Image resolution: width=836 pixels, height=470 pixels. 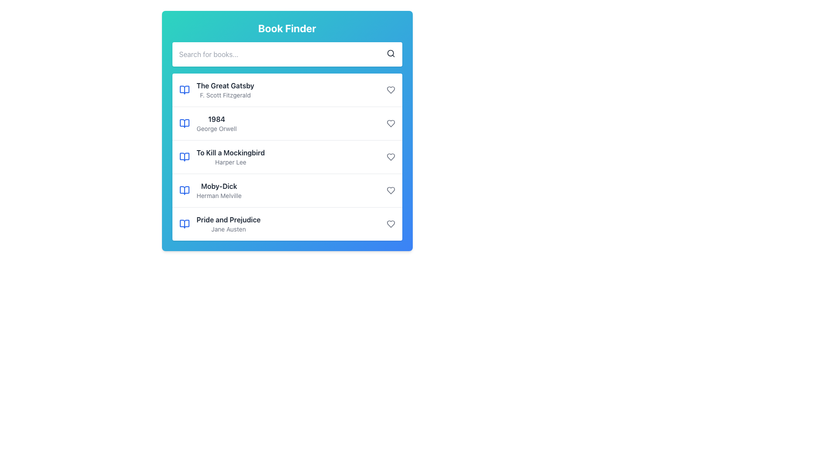 What do you see at coordinates (184, 157) in the screenshot?
I see `the open book icon element styled with blue outlines, located to the left of the list item for 'To Kill a Mockingbird' in the card layout` at bounding box center [184, 157].